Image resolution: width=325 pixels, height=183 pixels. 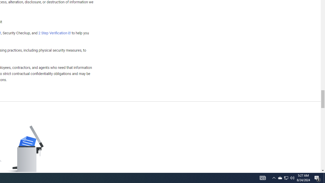 What do you see at coordinates (55, 33) in the screenshot?
I see `'2 Step Verification'` at bounding box center [55, 33].